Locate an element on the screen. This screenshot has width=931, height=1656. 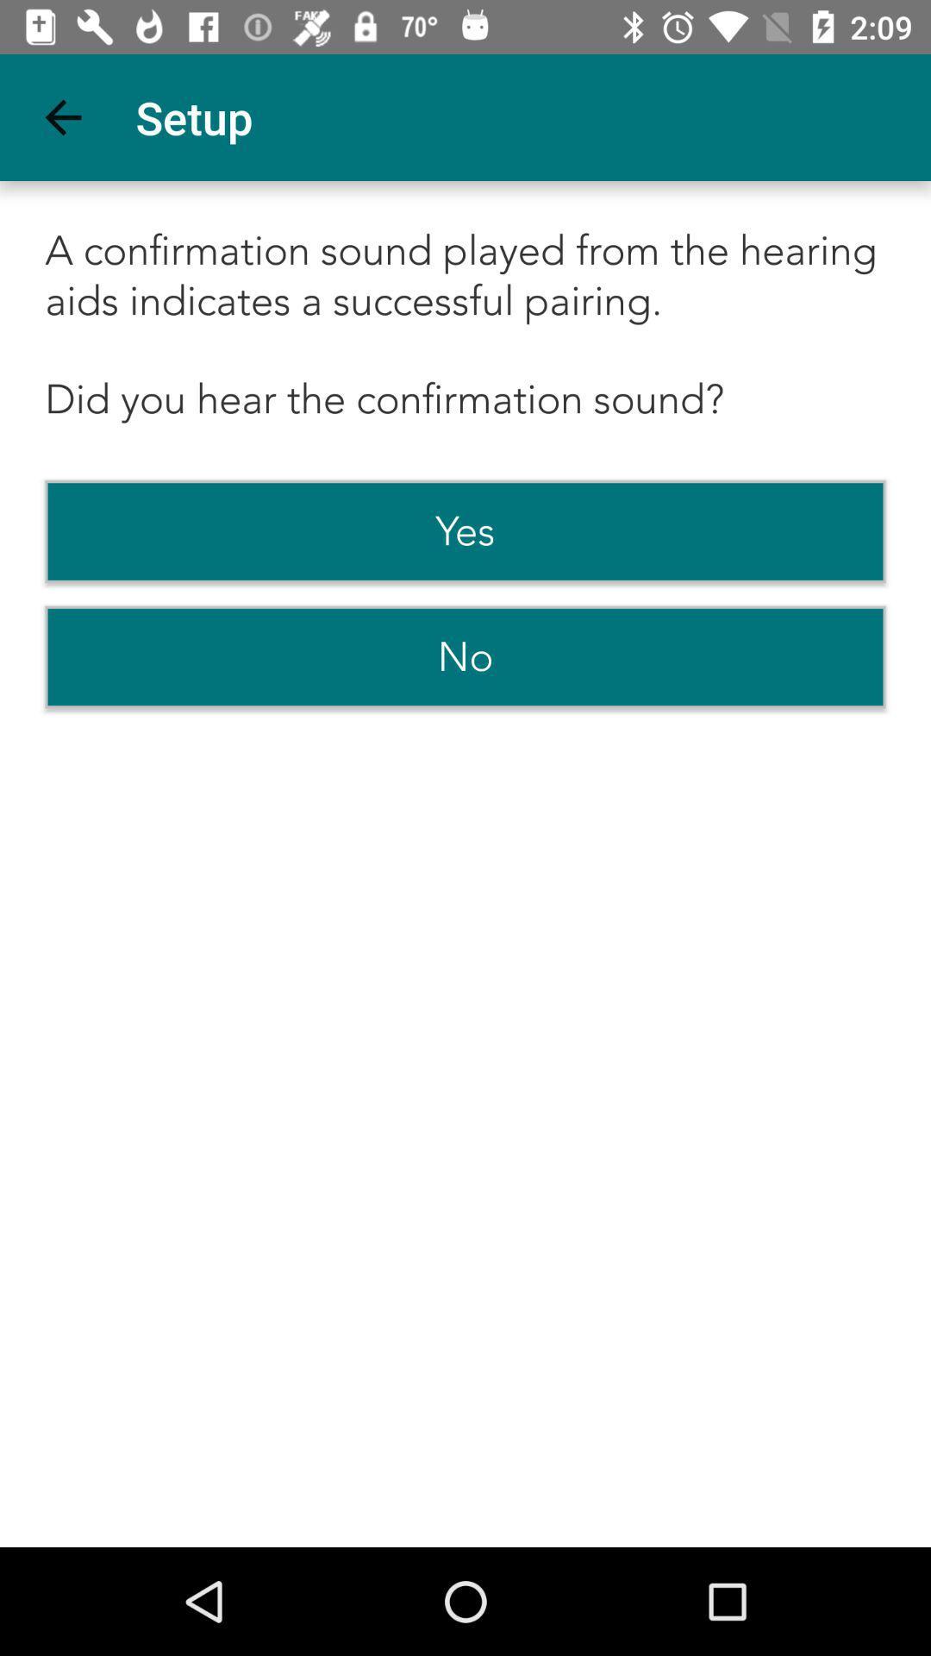
the item below yes icon is located at coordinates (465, 656).